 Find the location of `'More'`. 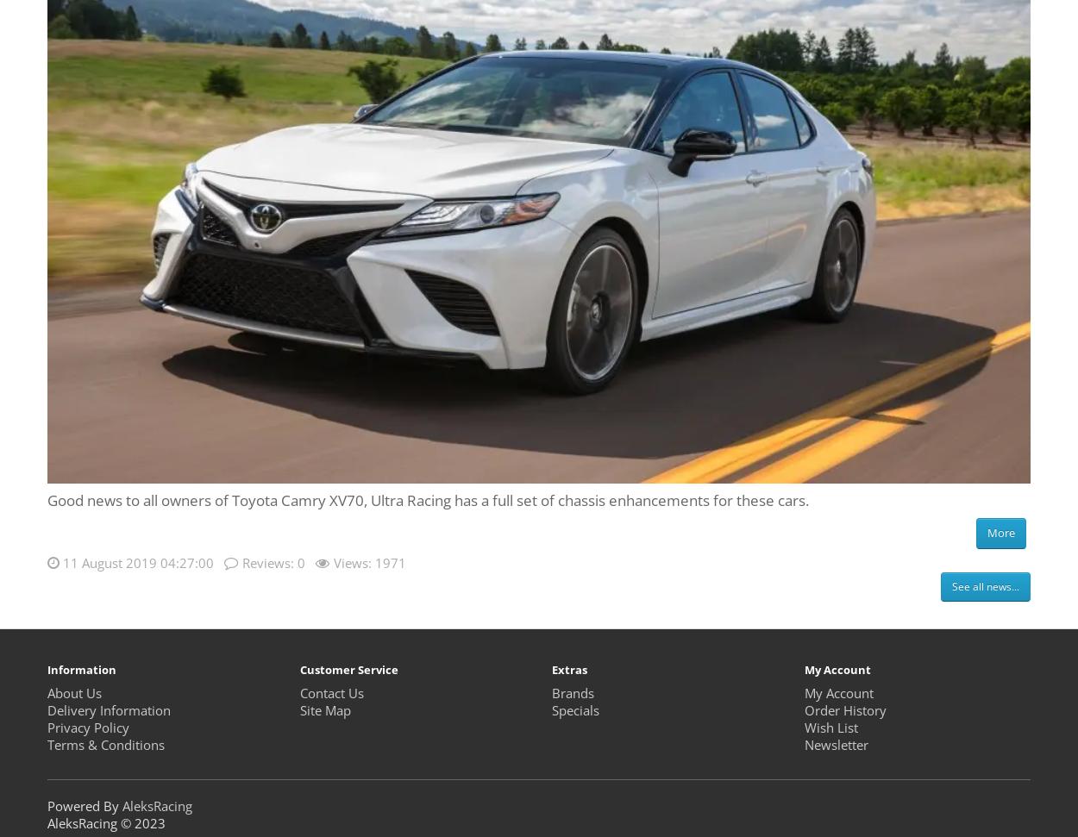

'More' is located at coordinates (1001, 532).